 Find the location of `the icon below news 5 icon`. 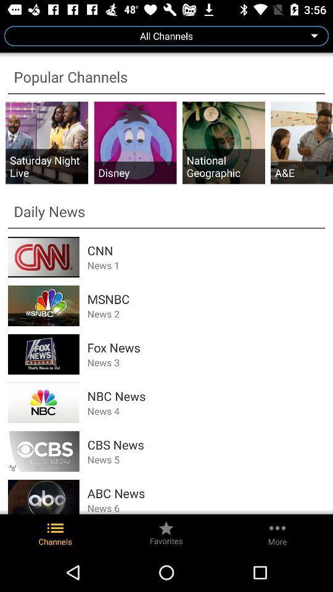

the icon below news 5 icon is located at coordinates (206, 493).